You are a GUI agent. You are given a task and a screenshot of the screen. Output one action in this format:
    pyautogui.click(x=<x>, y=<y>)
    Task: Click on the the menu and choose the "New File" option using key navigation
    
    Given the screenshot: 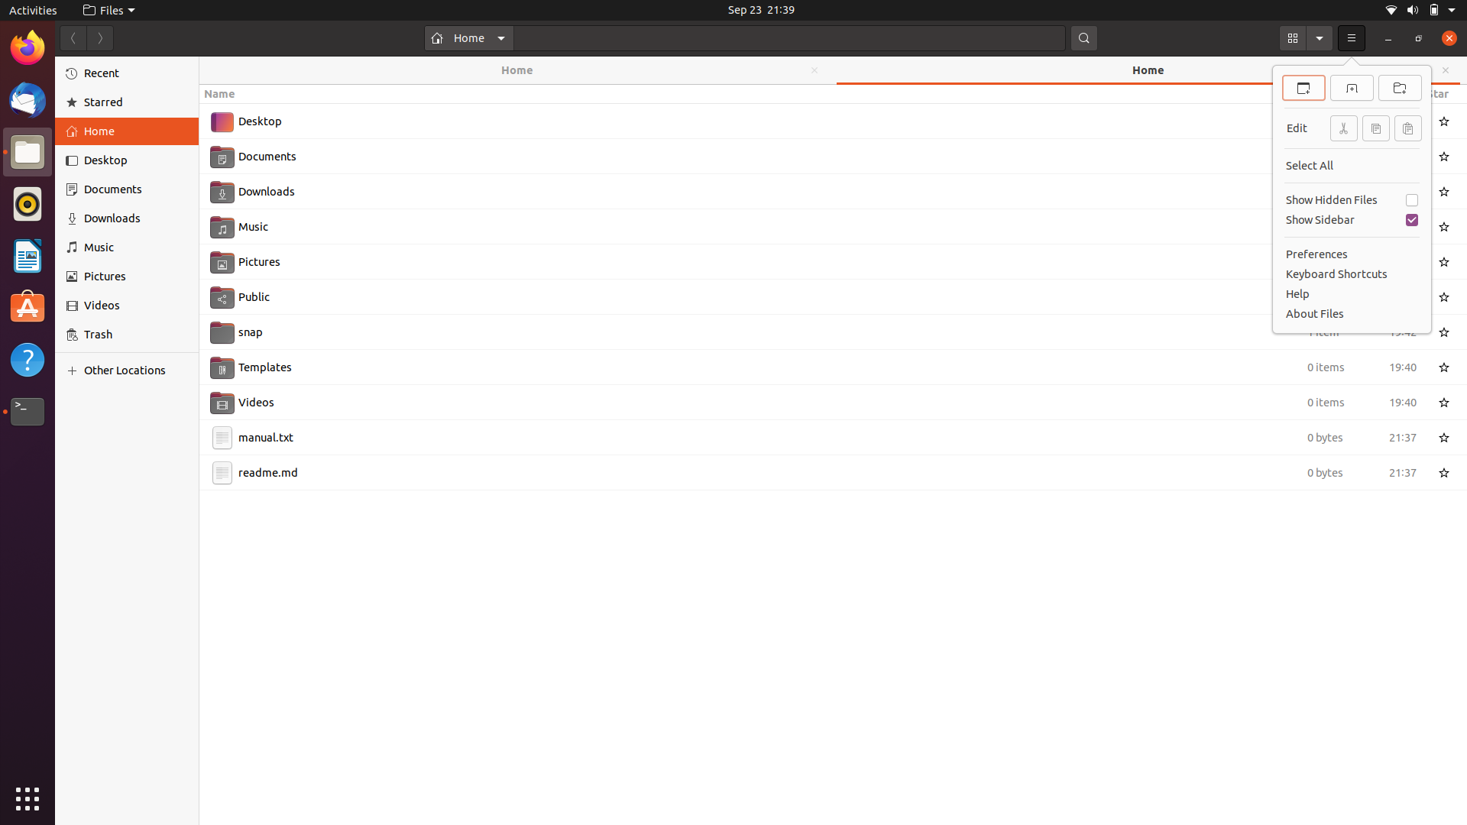 What is the action you would take?
    pyautogui.click(x=1352, y=37)
    